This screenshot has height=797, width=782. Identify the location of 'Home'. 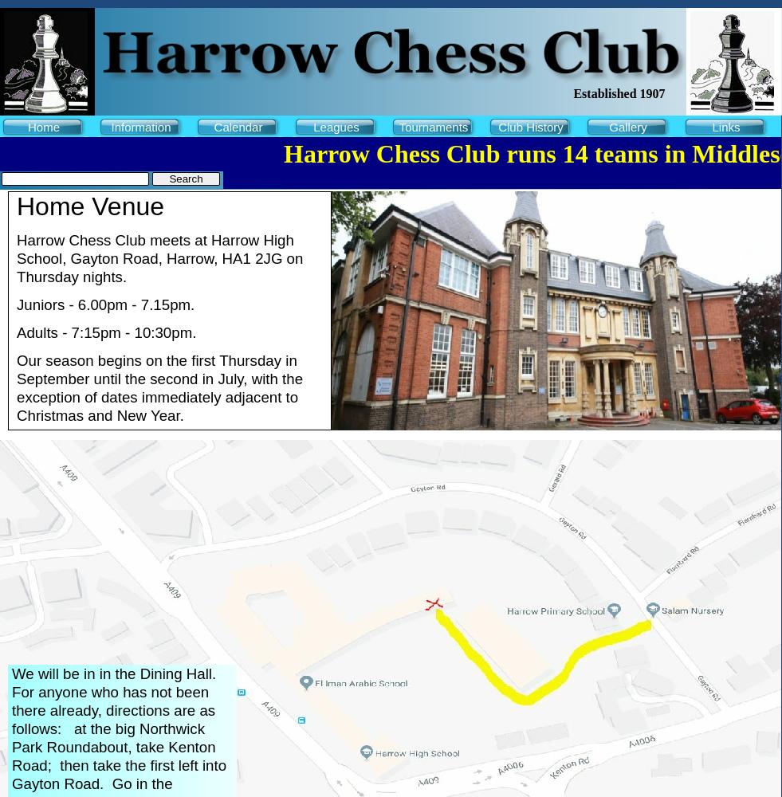
(42, 127).